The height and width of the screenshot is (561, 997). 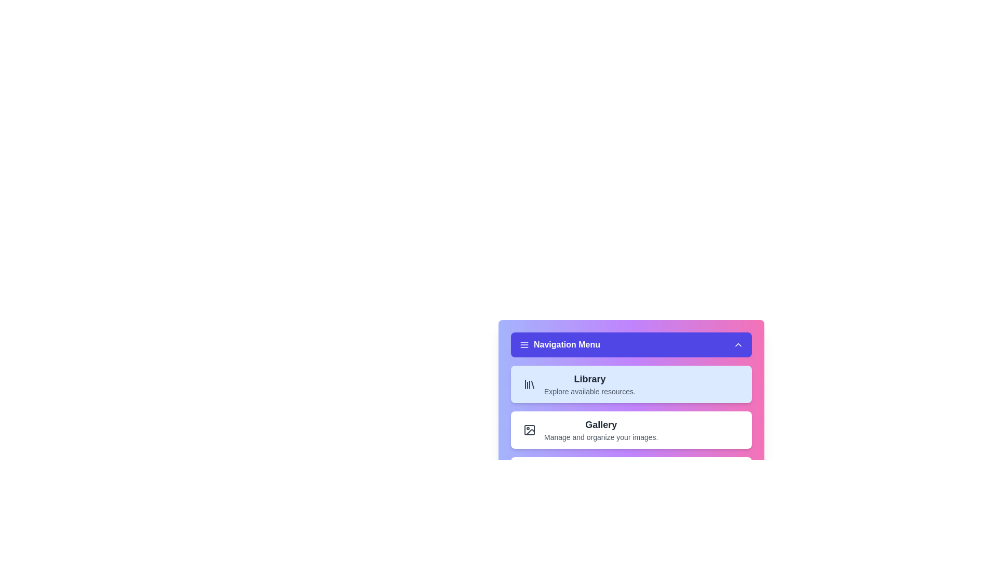 What do you see at coordinates (630, 430) in the screenshot?
I see `the menu option Gallery to observe its effects` at bounding box center [630, 430].